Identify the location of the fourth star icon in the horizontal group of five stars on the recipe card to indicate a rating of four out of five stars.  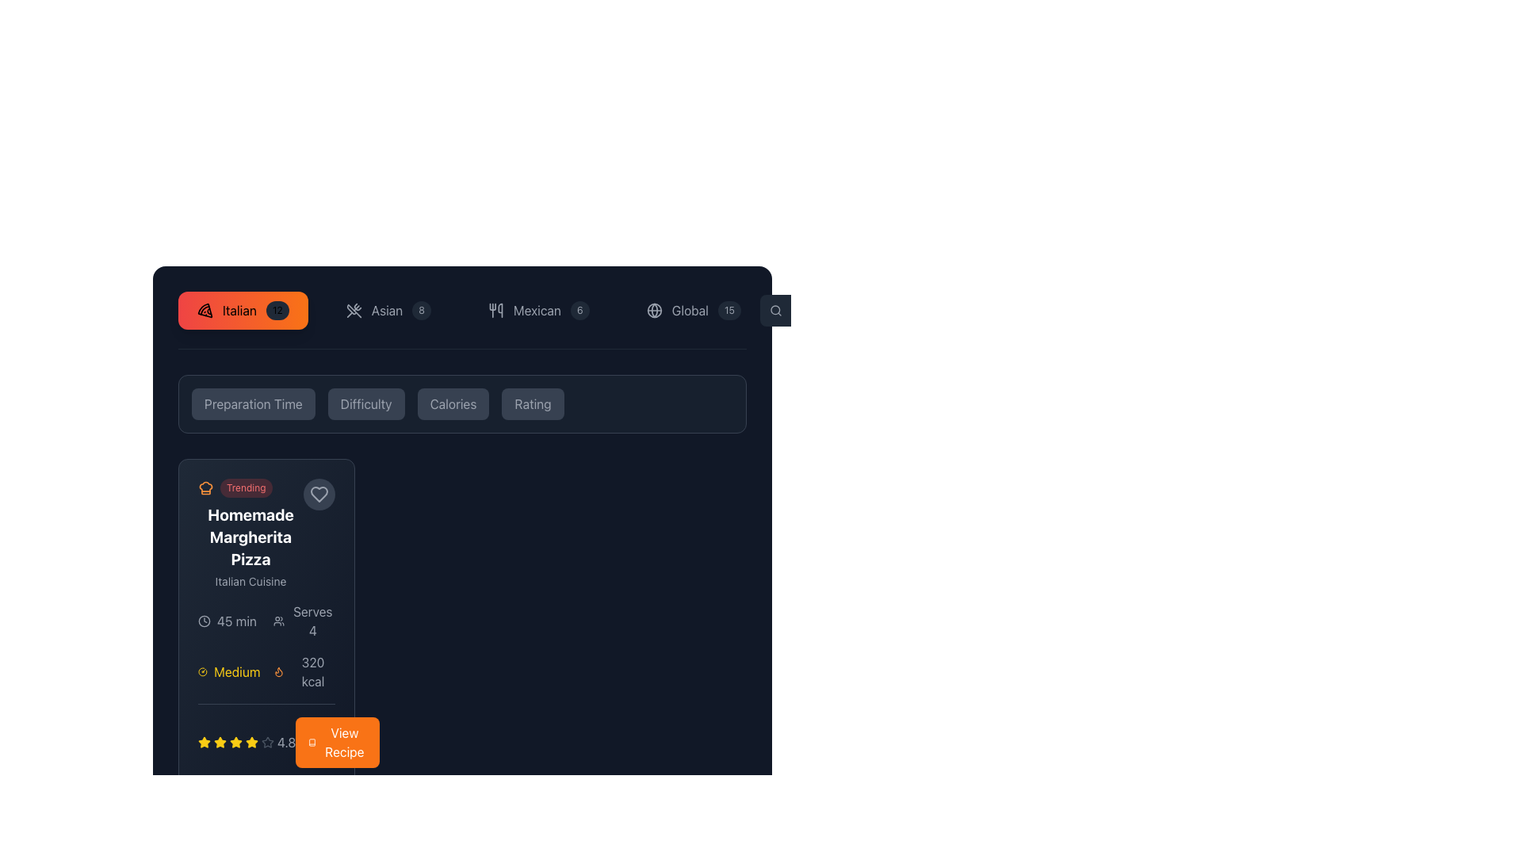
(267, 742).